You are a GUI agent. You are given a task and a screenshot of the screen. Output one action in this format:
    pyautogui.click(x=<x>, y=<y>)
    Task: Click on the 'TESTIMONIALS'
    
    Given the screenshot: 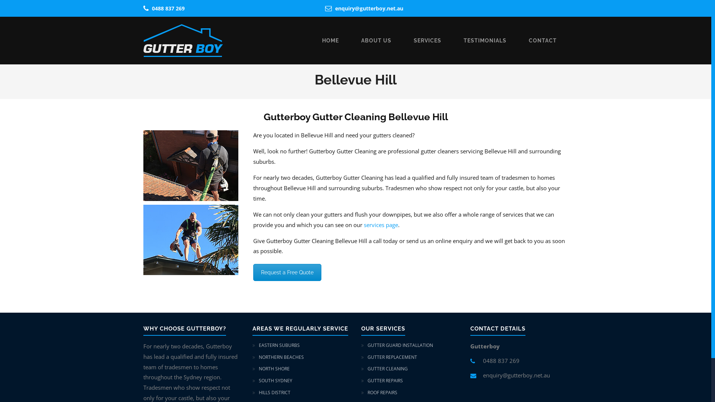 What is the action you would take?
    pyautogui.click(x=485, y=41)
    